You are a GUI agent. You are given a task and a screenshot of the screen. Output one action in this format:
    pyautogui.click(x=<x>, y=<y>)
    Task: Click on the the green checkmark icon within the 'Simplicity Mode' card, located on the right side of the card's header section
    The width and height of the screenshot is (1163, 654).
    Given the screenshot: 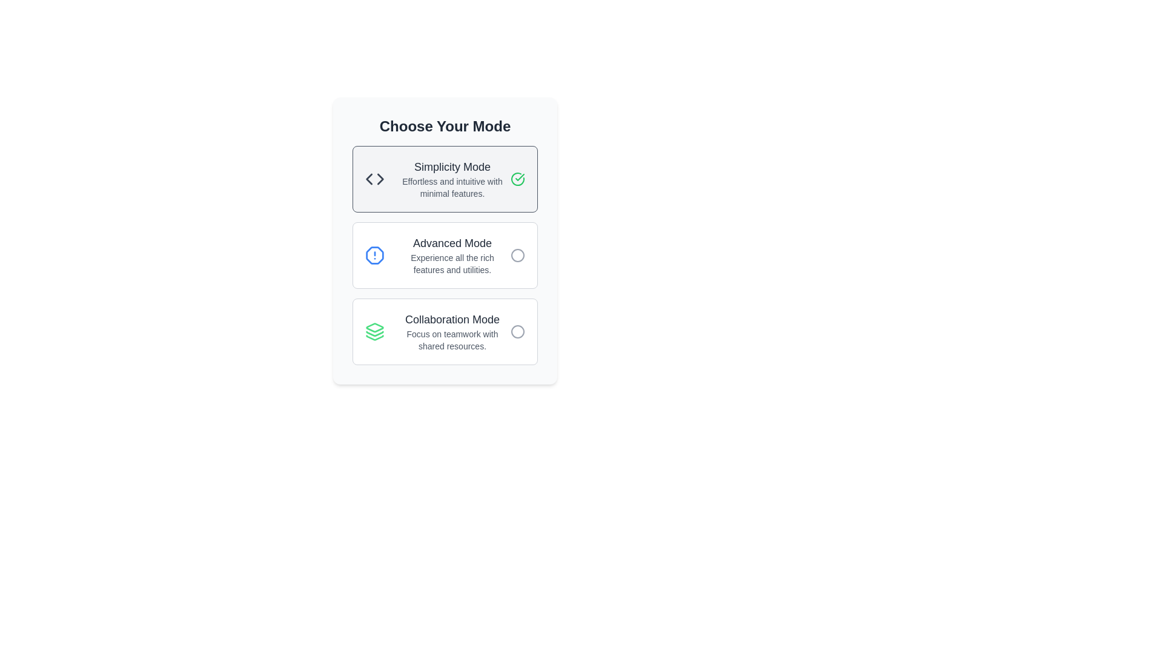 What is the action you would take?
    pyautogui.click(x=517, y=179)
    